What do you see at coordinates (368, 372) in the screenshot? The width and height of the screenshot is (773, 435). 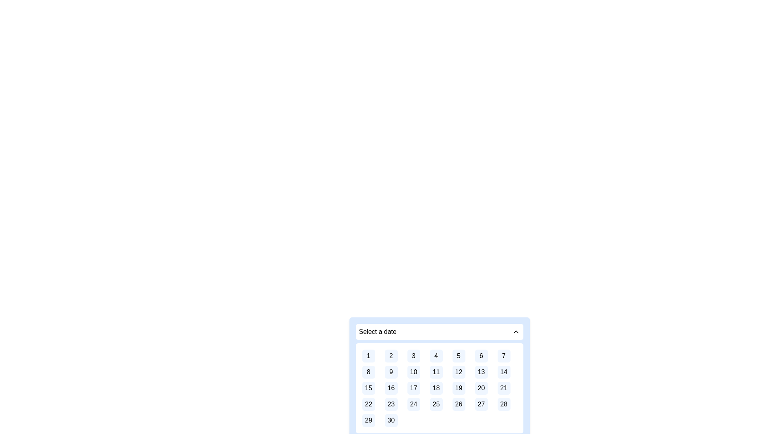 I see `the rounded square button labeled '8' with a light blue background` at bounding box center [368, 372].